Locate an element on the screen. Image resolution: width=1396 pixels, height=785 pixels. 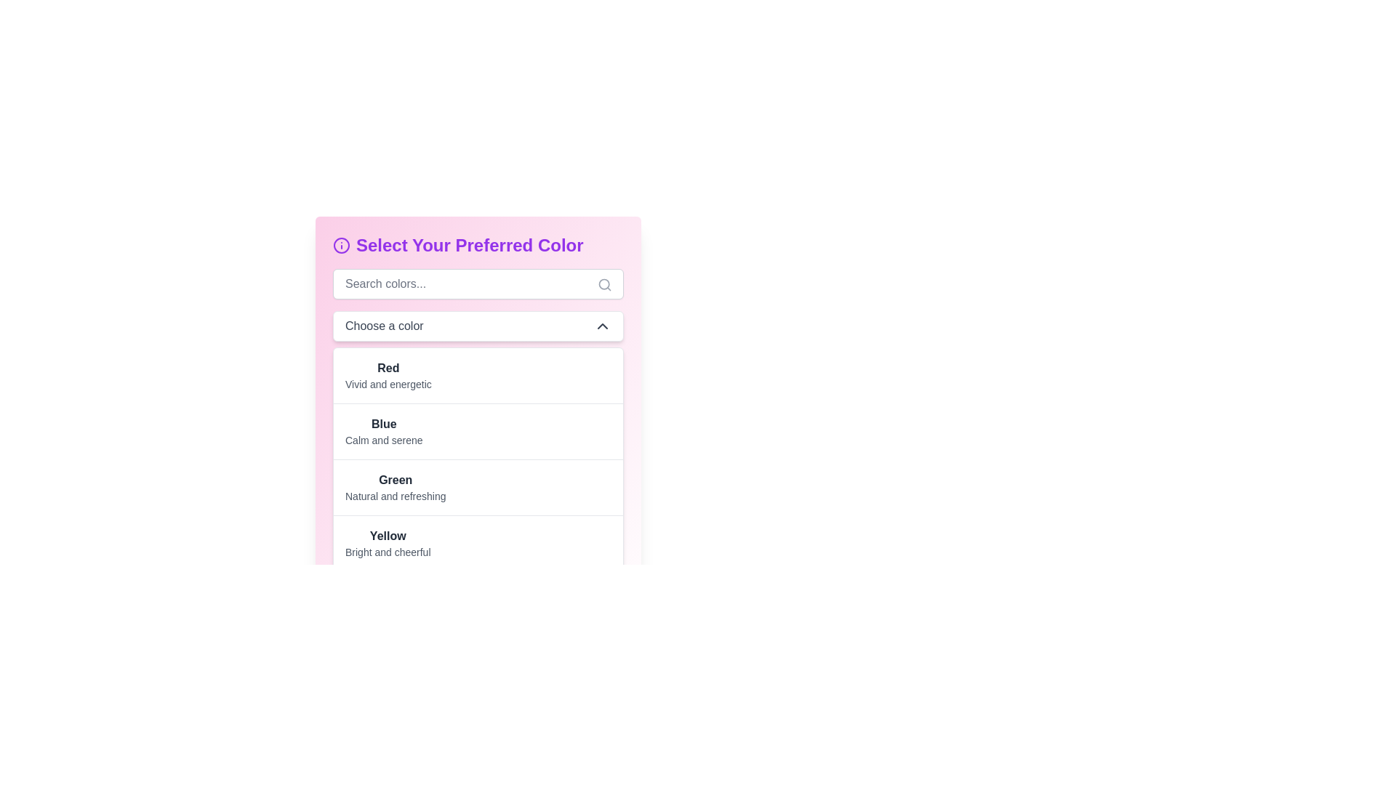
the Dropdown Menu labeled 'Choose a color' is located at coordinates (478, 325).